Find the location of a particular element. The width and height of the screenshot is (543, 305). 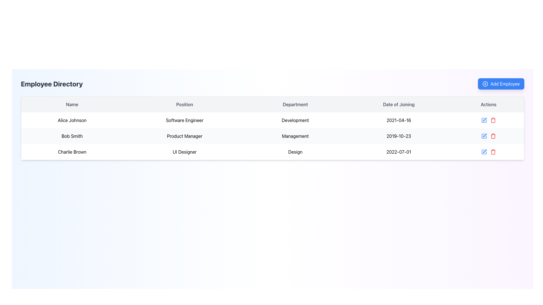

the edit icon located in the 'Actions' column of the second row (Bob Smith) in the 'Employee Directory' table is located at coordinates (484, 136).